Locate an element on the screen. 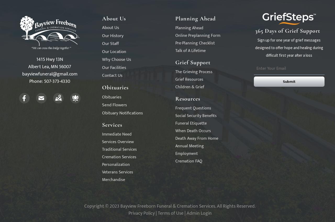 The width and height of the screenshot is (335, 222). 'Services' is located at coordinates (112, 125).